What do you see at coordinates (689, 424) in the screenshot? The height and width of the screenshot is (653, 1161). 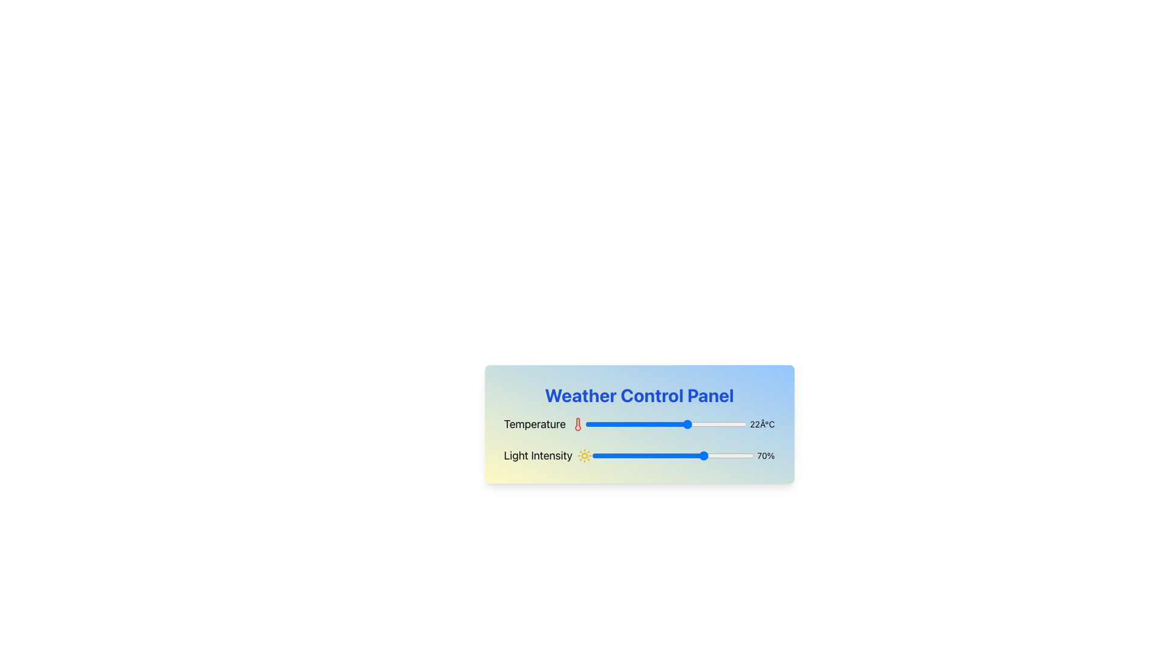 I see `the temperature slider` at bounding box center [689, 424].